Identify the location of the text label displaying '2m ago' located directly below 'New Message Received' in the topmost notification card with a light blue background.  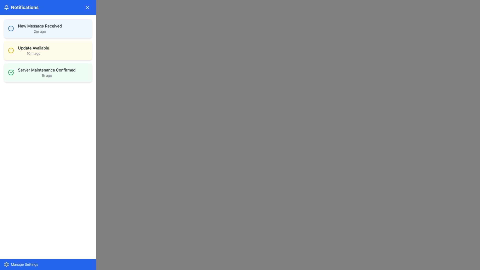
(39, 31).